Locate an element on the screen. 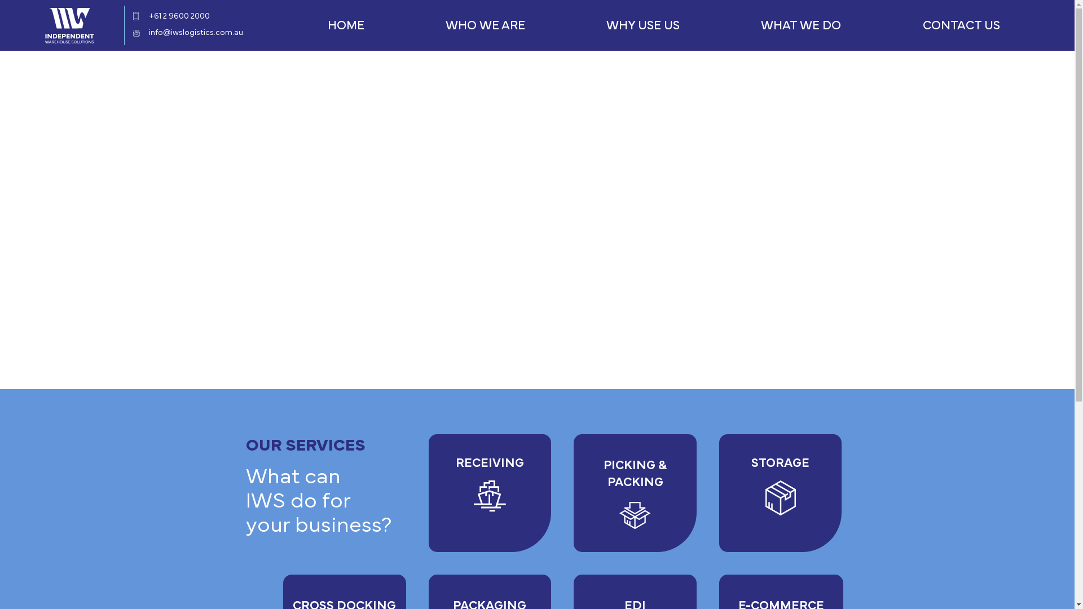 The image size is (1083, 609). '+61 2 9600 2000' is located at coordinates (178, 16).